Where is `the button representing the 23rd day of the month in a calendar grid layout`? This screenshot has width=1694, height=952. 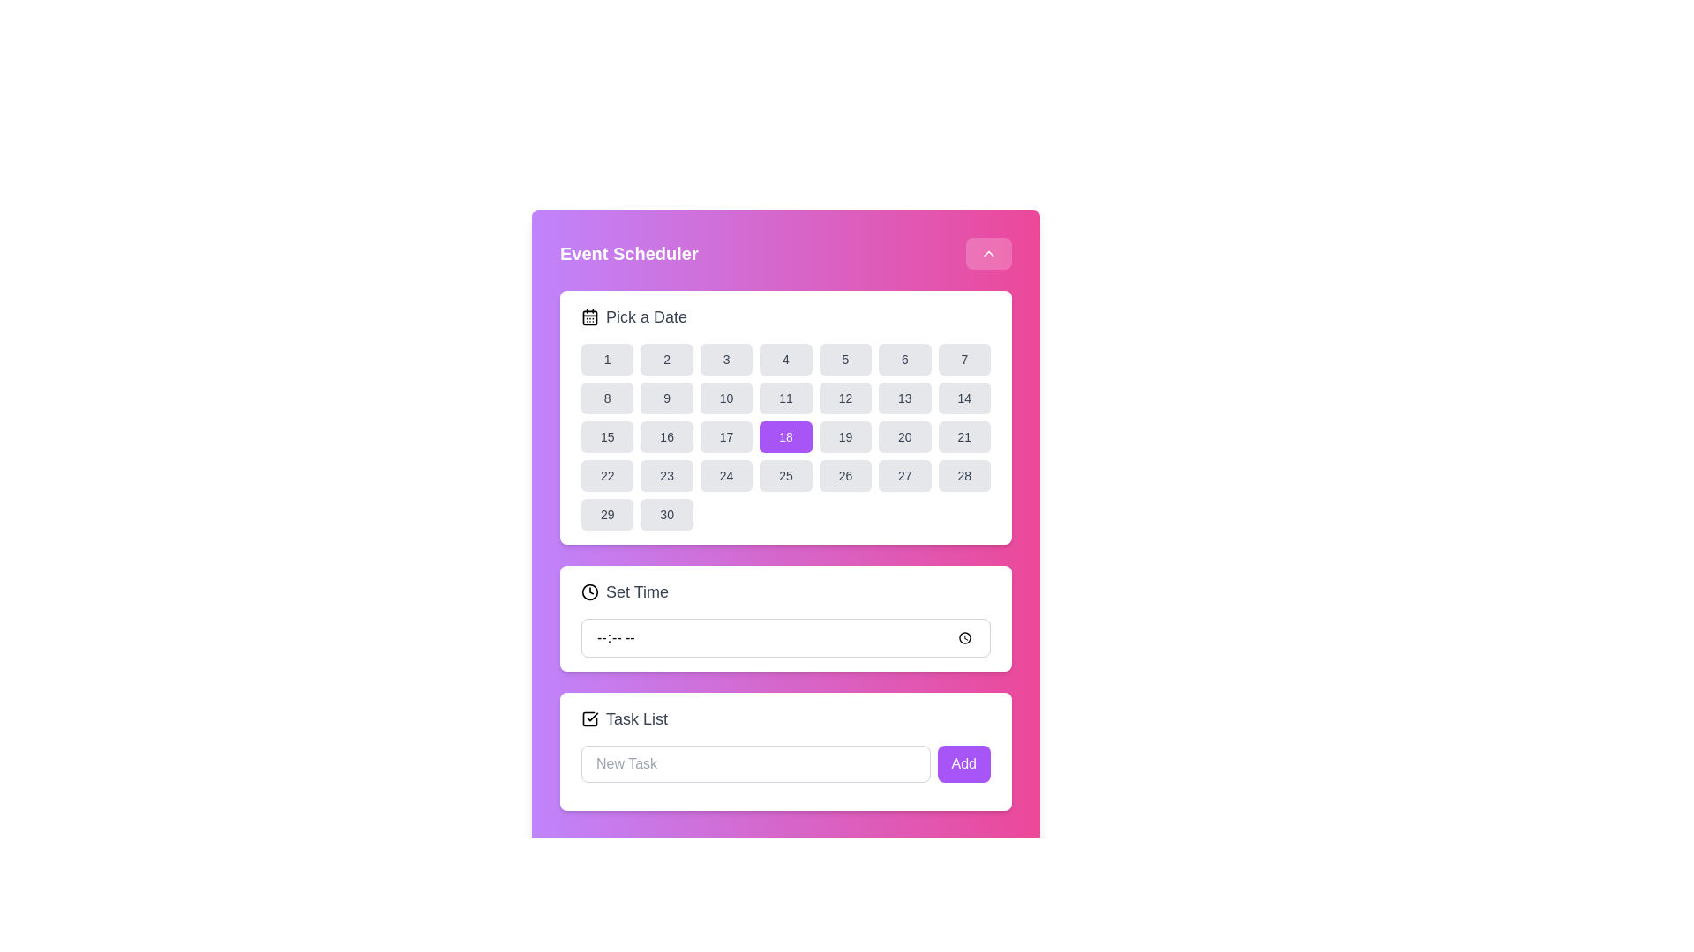 the button representing the 23rd day of the month in a calendar grid layout is located at coordinates (666, 476).